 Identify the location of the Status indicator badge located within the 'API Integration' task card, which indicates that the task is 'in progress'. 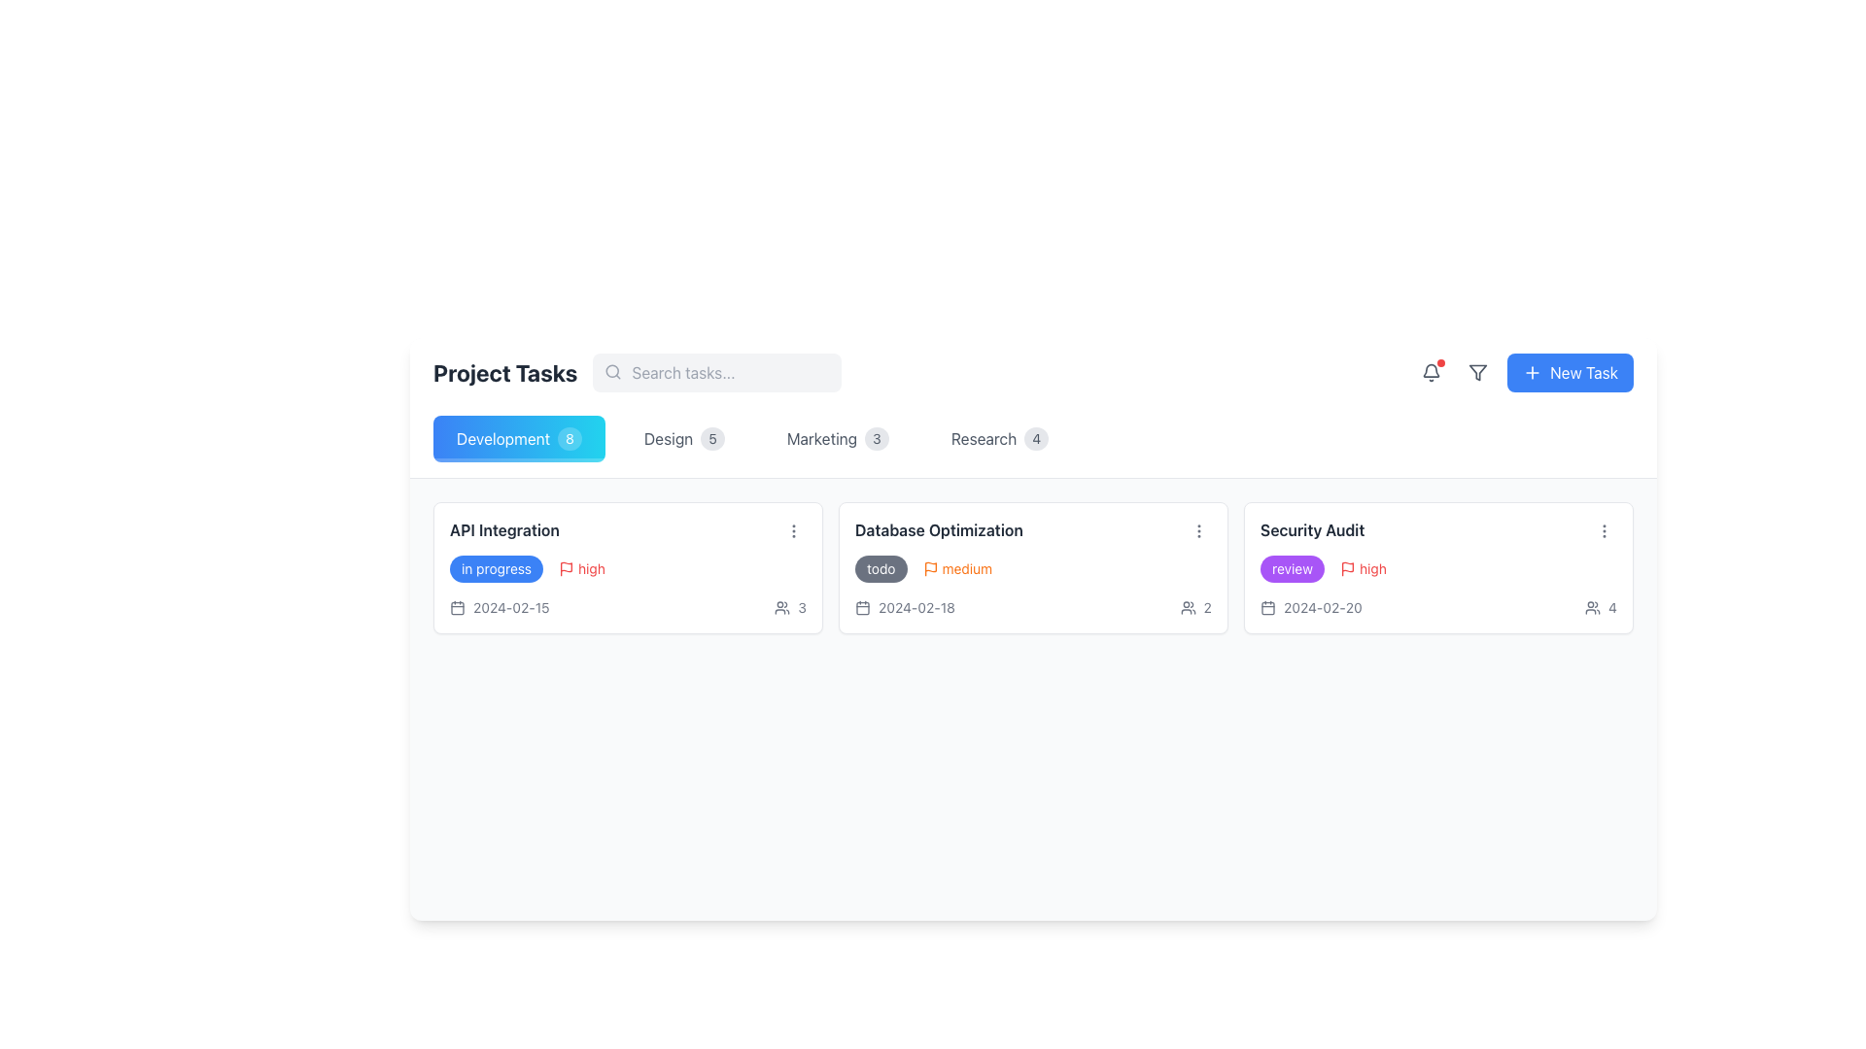
(497, 568).